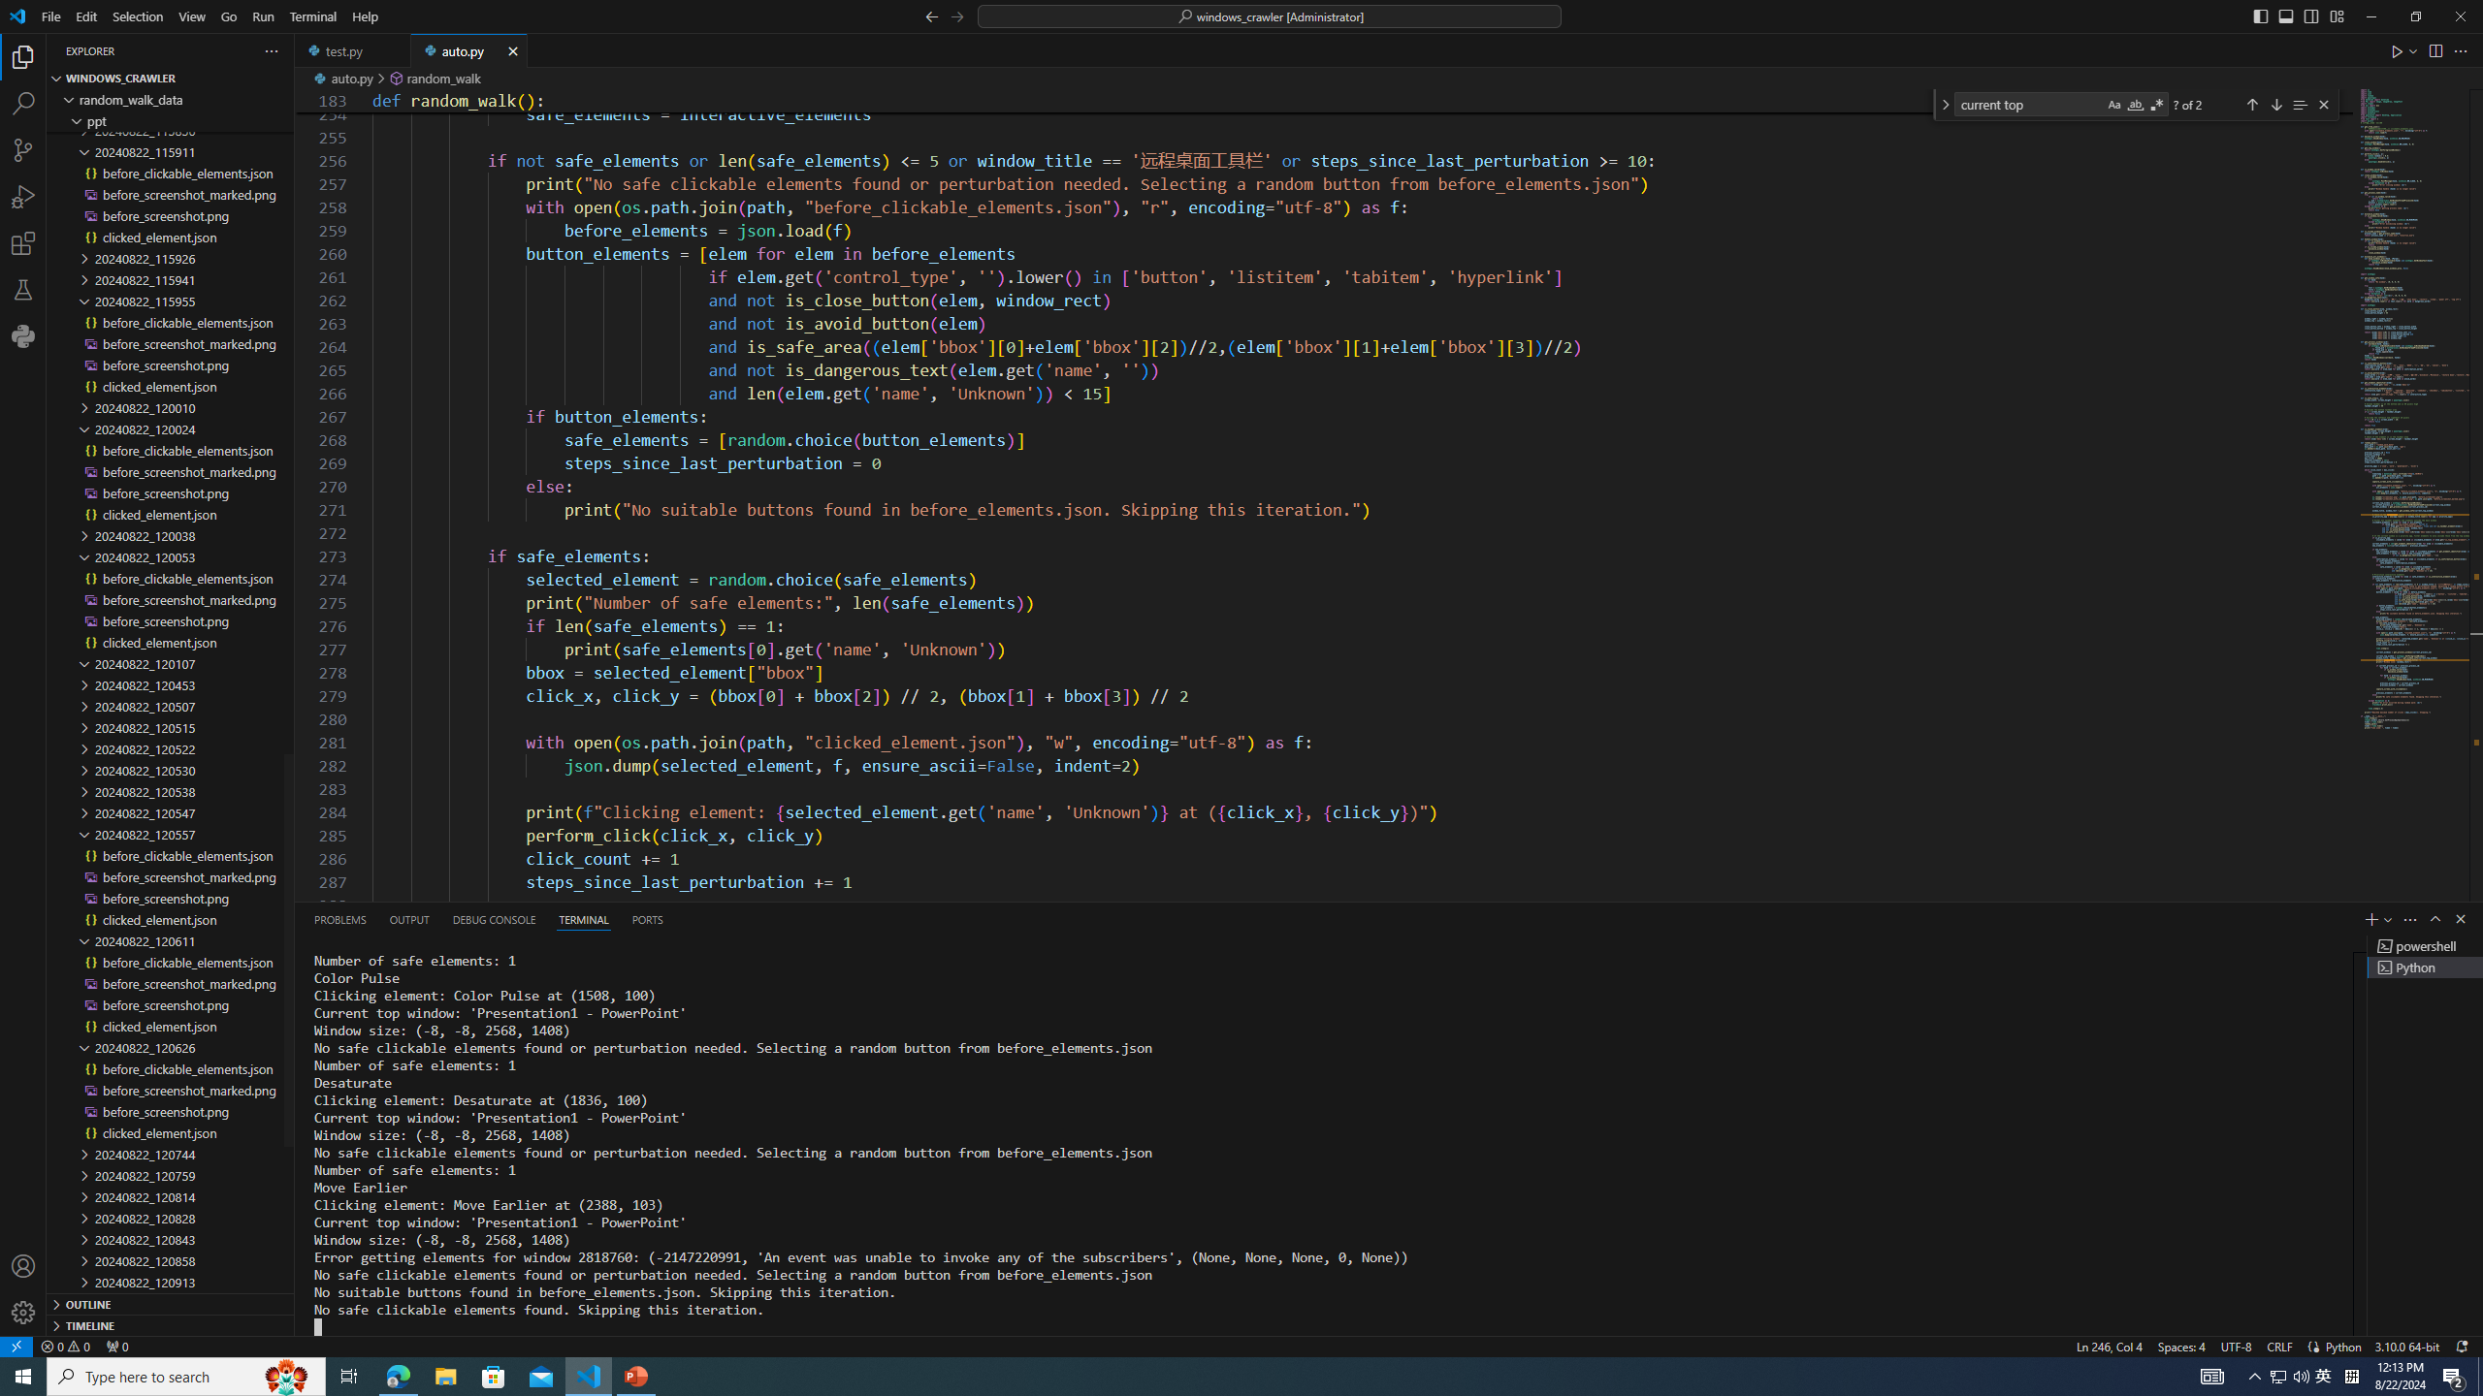 Image resolution: width=2483 pixels, height=1396 pixels. Describe the element at coordinates (2425, 944) in the screenshot. I see `'Terminal 1 powershell'` at that location.